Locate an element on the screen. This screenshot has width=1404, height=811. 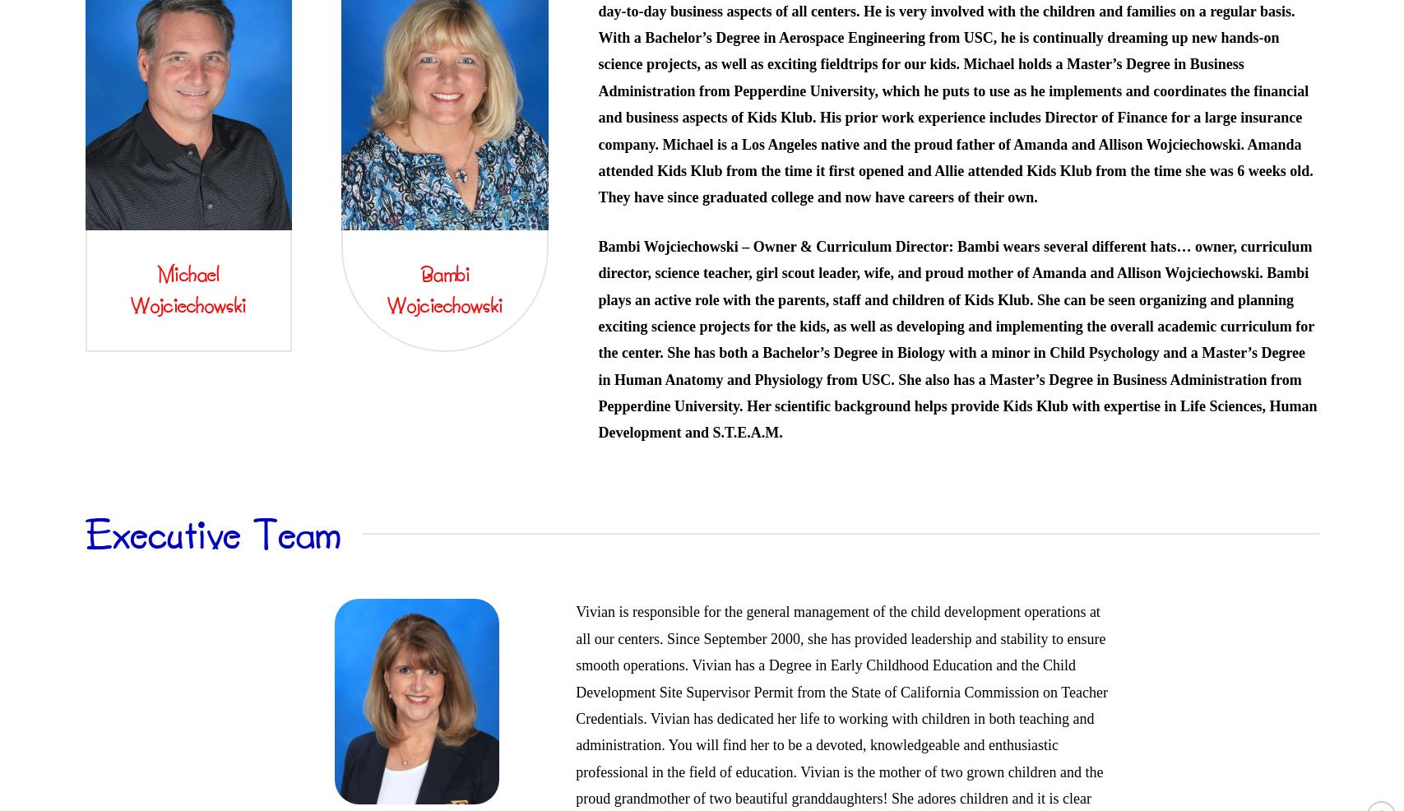
'Bambi Wojciechowski – Owner & Curriculum Director: Bambi wears several different hats… owner, curriculum director, science teacher, girl scout leader, wife, and proud mother of Amanda and Allison Wojciechowski.  Bambi plays an active role with the parents, staff and children of Kids Klub.  She can be seen organizing and planning exciting science projects for the kids, as well as developing and implementing the overall academic curriculum for the center. She has both a Bachelor’s Degree in Biology with a minor in Child Psychology and a Master’s Degree in Human Anatomy and Physiology from USC.  She also has a Master’s Degree in Business Administration from Pepperdine University.  Her scientific background helps provide Kids Klub with expertise in Life Sciences, Human Development and S.T.E.A.M.' is located at coordinates (957, 339).